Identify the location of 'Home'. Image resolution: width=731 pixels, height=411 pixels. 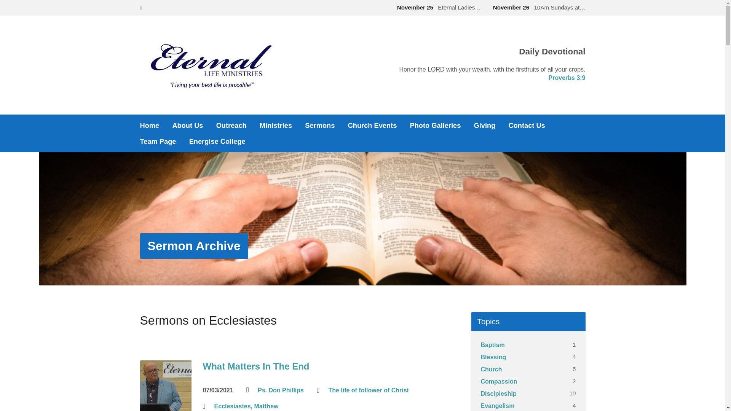
(150, 125).